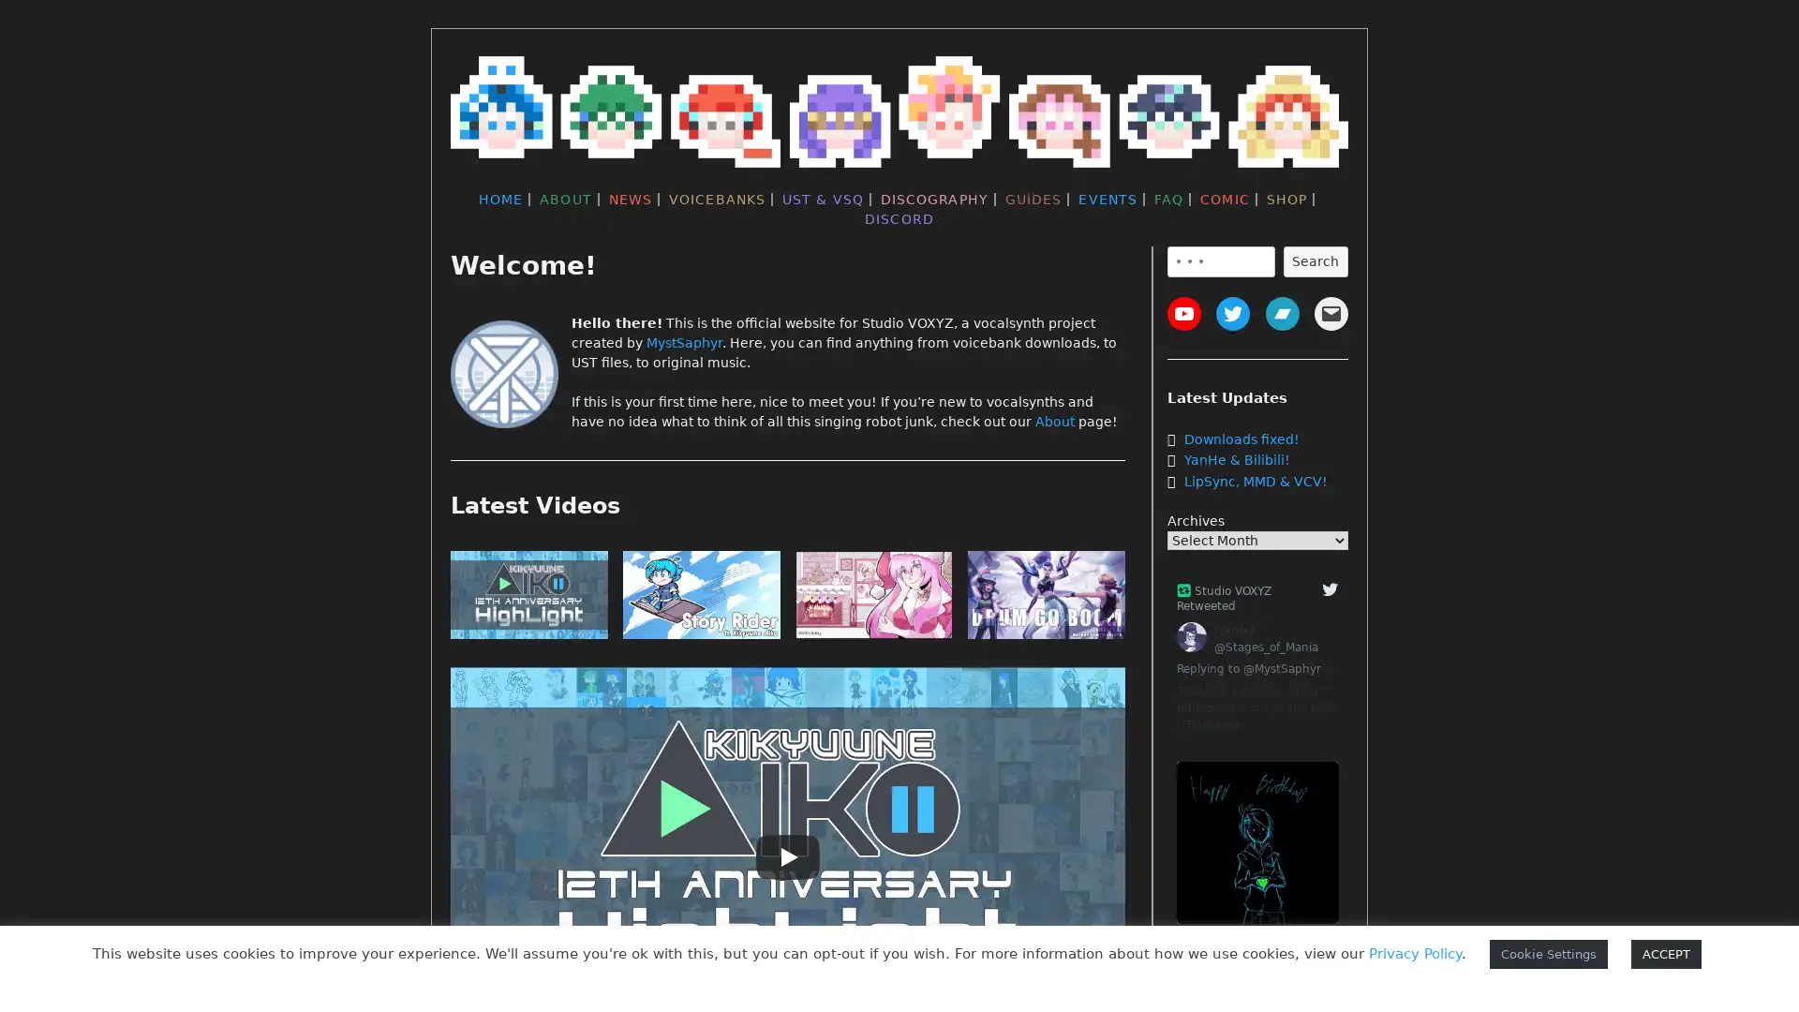 The width and height of the screenshot is (1799, 1012). Describe the element at coordinates (1046, 599) in the screenshot. I see `play` at that location.